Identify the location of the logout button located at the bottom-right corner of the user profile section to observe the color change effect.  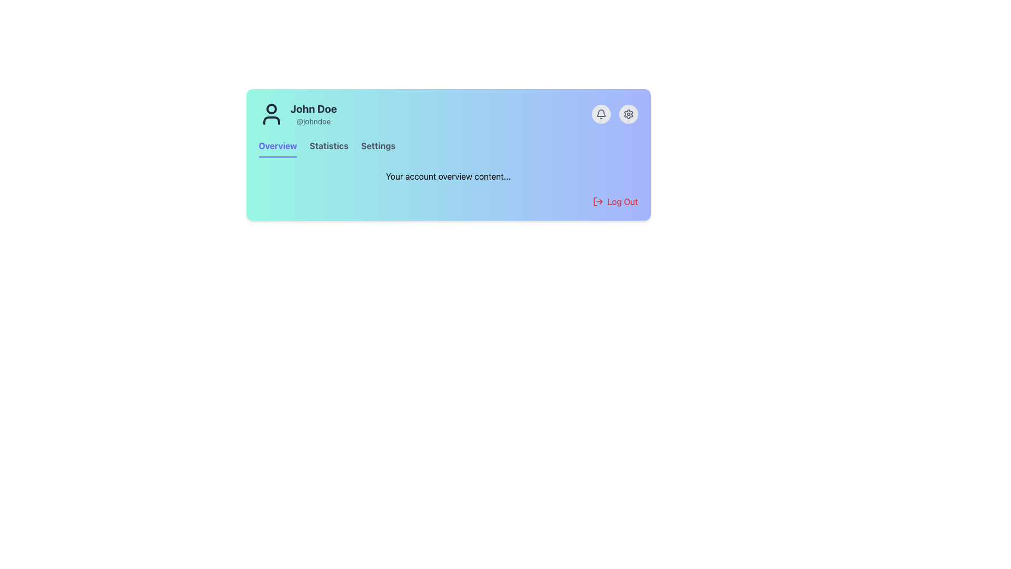
(615, 201).